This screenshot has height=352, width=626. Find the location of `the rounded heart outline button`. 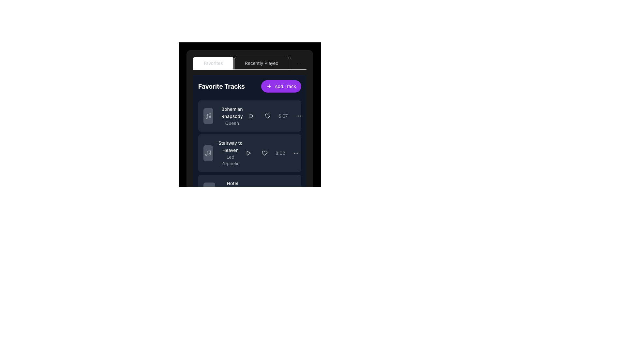

the rounded heart outline button is located at coordinates (267, 115).